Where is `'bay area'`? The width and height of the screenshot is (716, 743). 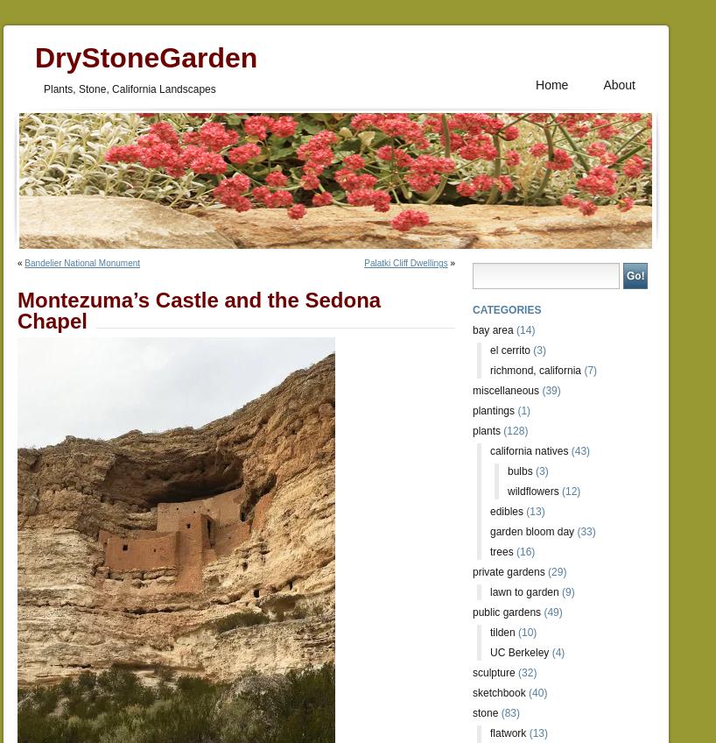
'bay area' is located at coordinates (472, 330).